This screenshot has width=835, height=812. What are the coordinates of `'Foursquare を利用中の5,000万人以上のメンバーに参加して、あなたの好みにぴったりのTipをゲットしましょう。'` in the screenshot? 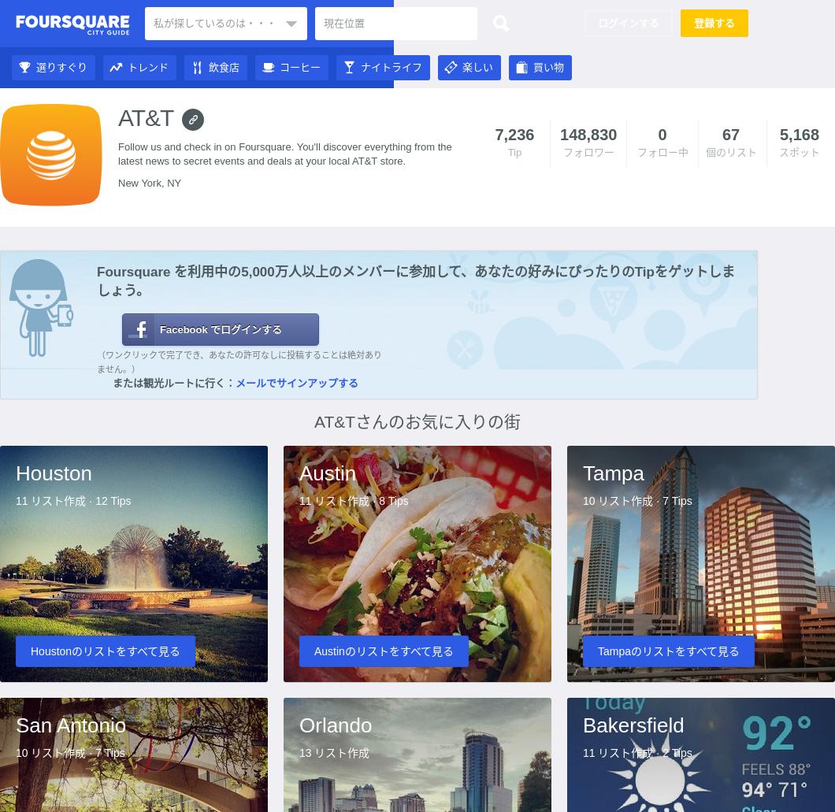 It's located at (414, 280).